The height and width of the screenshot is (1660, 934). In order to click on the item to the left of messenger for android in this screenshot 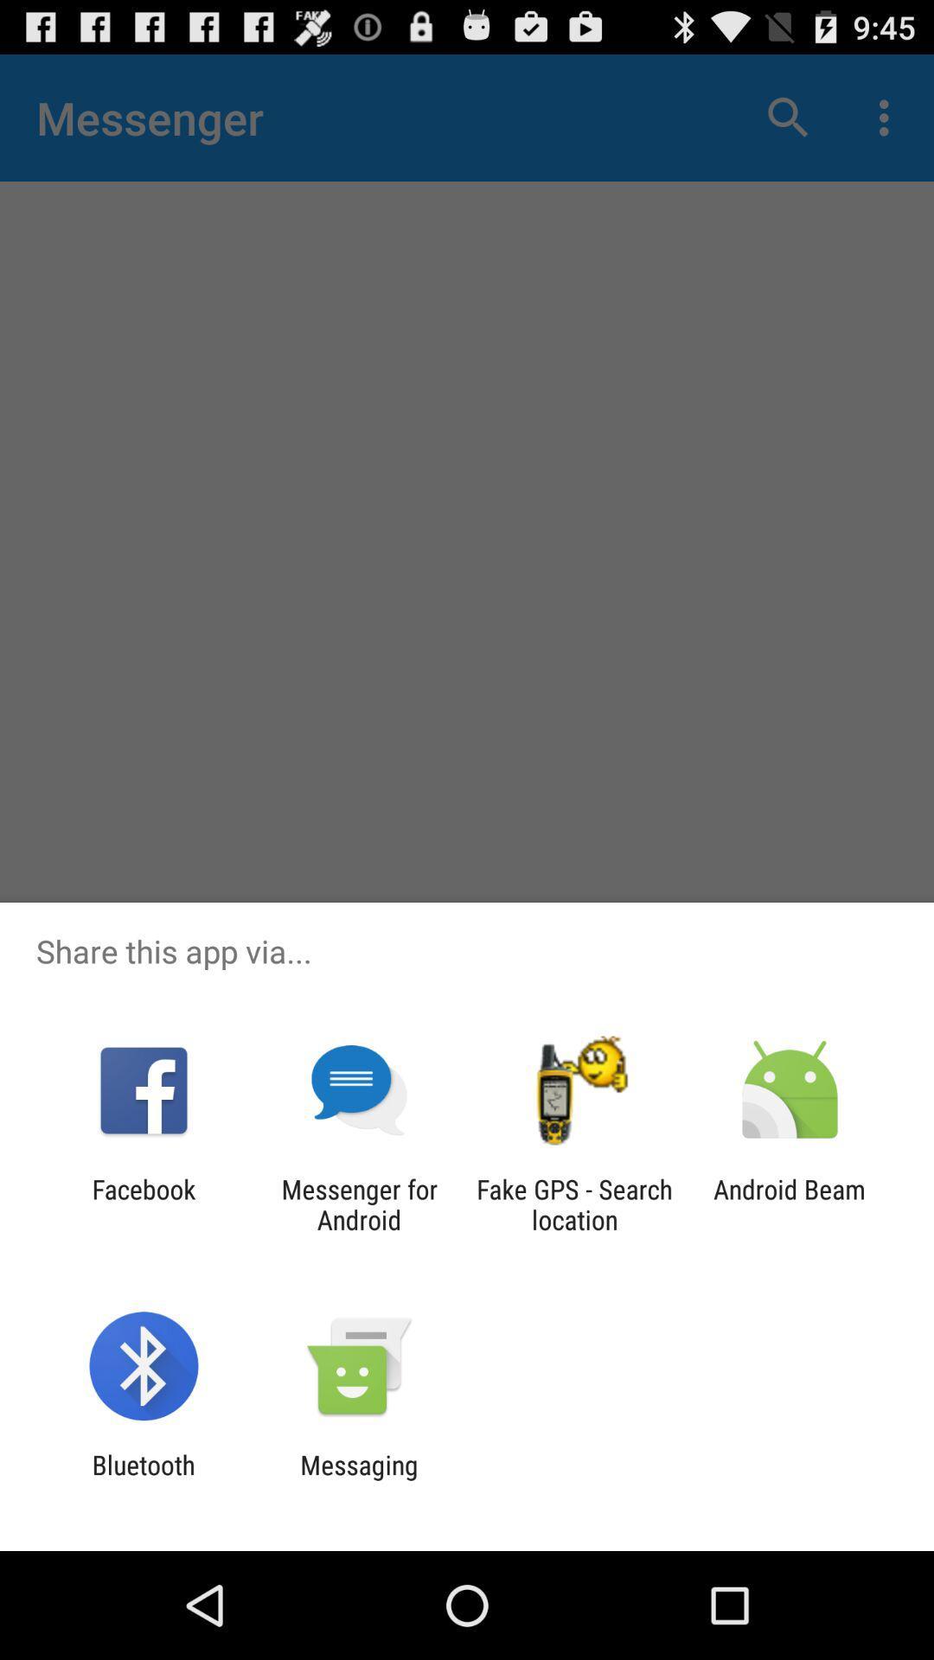, I will do `click(143, 1203)`.